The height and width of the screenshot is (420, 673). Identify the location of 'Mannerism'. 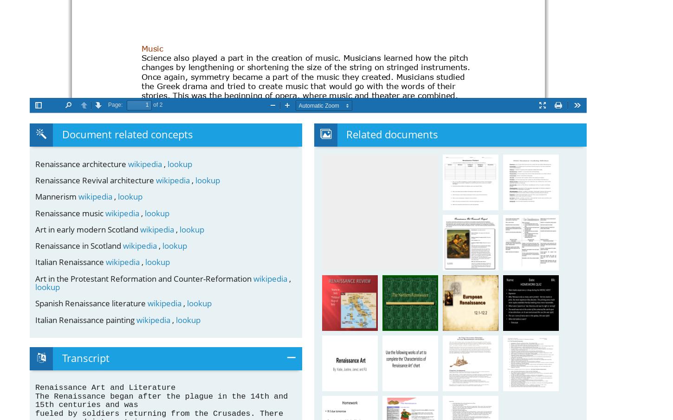
(35, 196).